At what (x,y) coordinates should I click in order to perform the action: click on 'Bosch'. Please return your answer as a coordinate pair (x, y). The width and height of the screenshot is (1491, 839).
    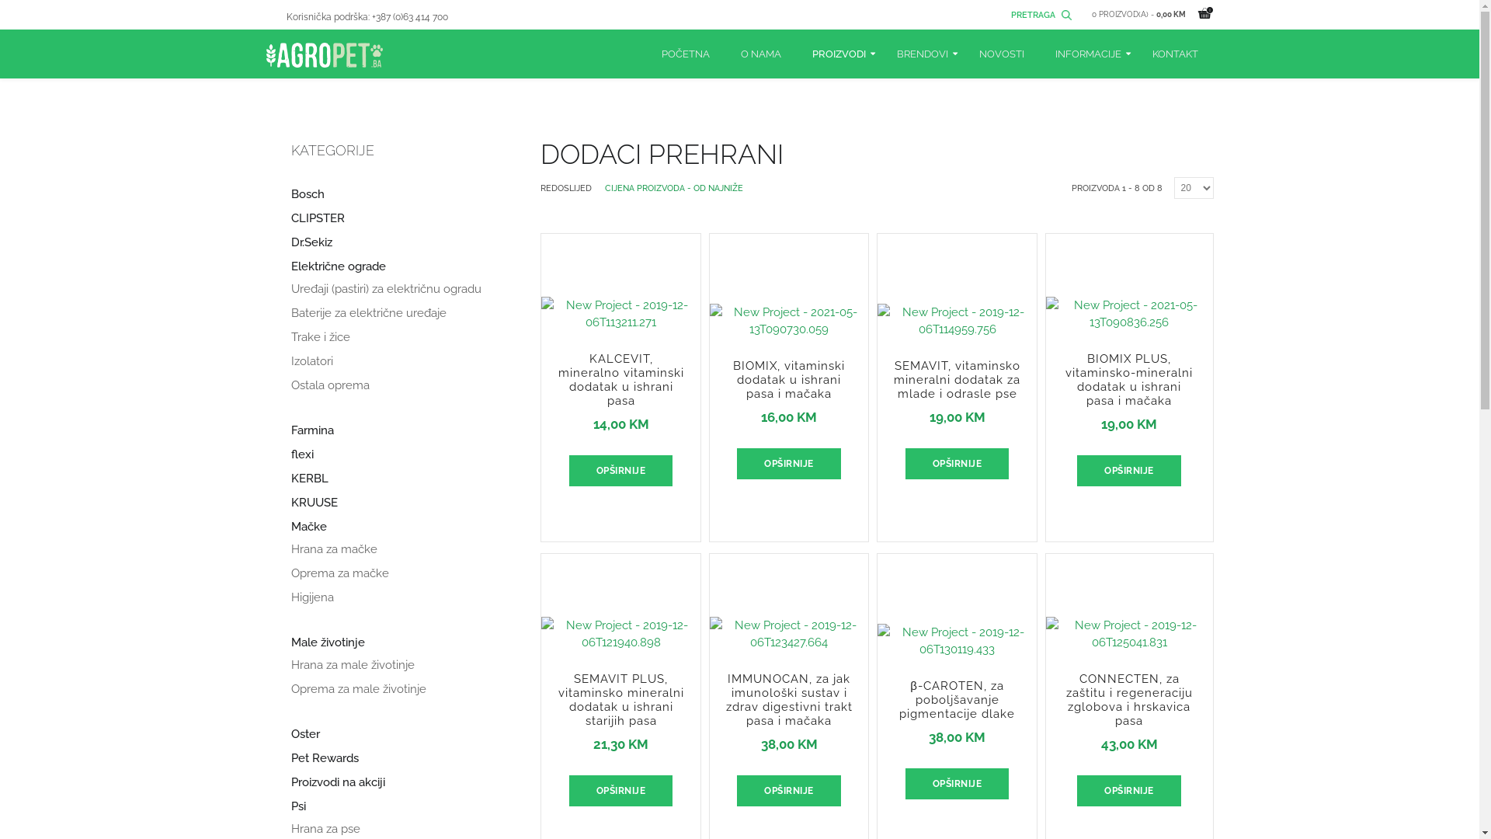
    Looking at the image, I should click on (290, 193).